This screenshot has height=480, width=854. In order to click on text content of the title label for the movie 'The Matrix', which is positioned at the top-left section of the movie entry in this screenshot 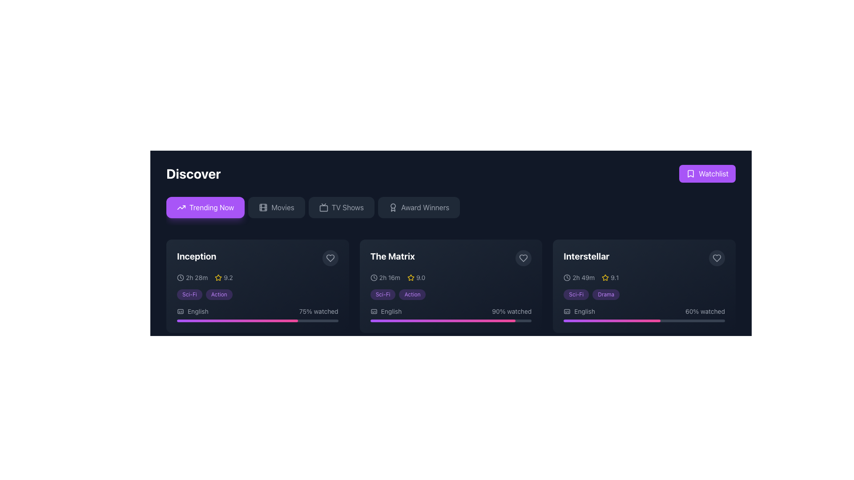, I will do `click(392, 256)`.